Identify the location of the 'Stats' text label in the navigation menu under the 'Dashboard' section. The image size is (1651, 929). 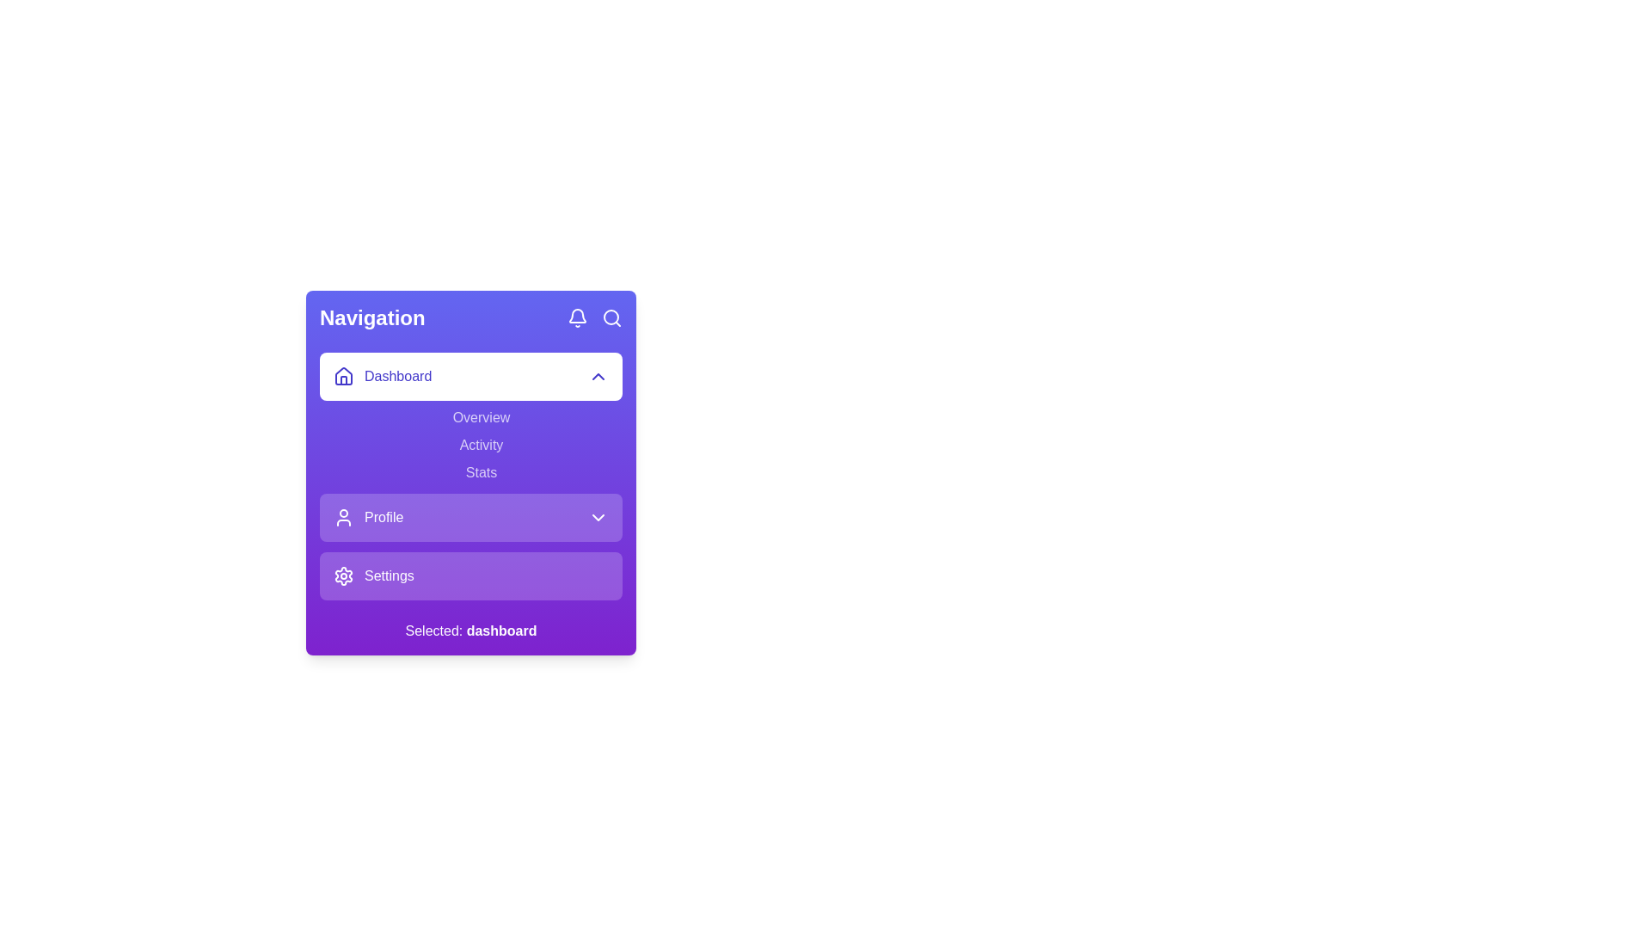
(482, 473).